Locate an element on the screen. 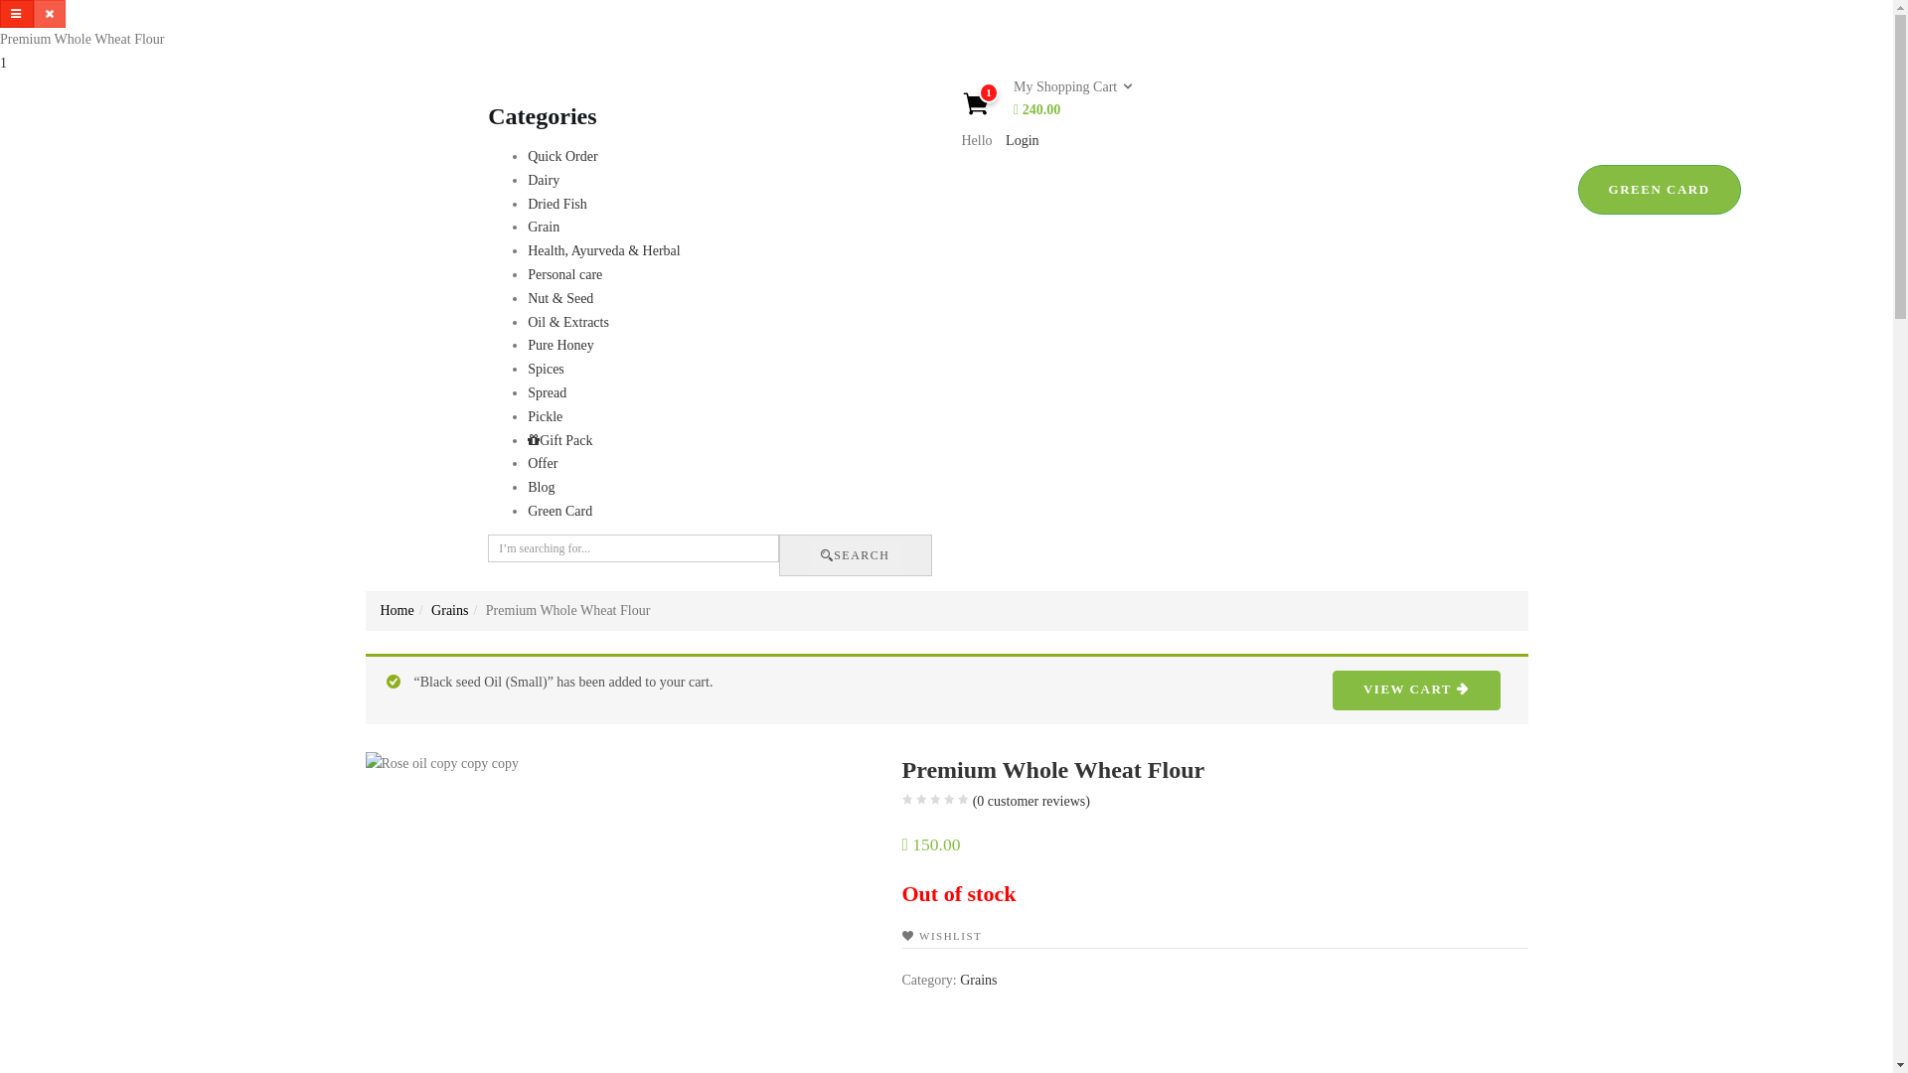 The width and height of the screenshot is (1908, 1073). 'Login' is located at coordinates (1022, 139).